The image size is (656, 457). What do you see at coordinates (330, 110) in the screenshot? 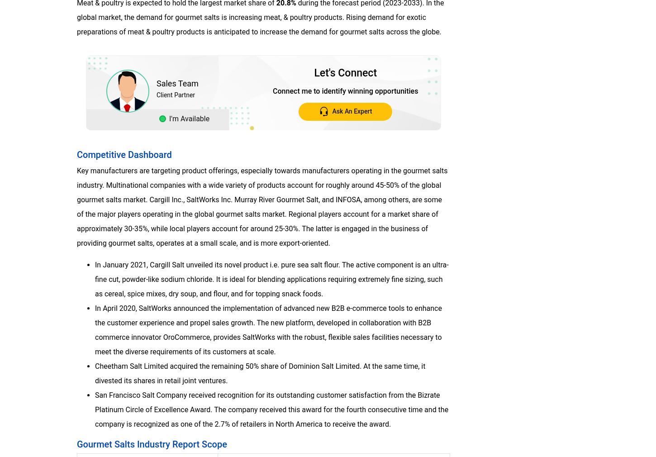
I see `'Ask An Expert'` at bounding box center [330, 110].